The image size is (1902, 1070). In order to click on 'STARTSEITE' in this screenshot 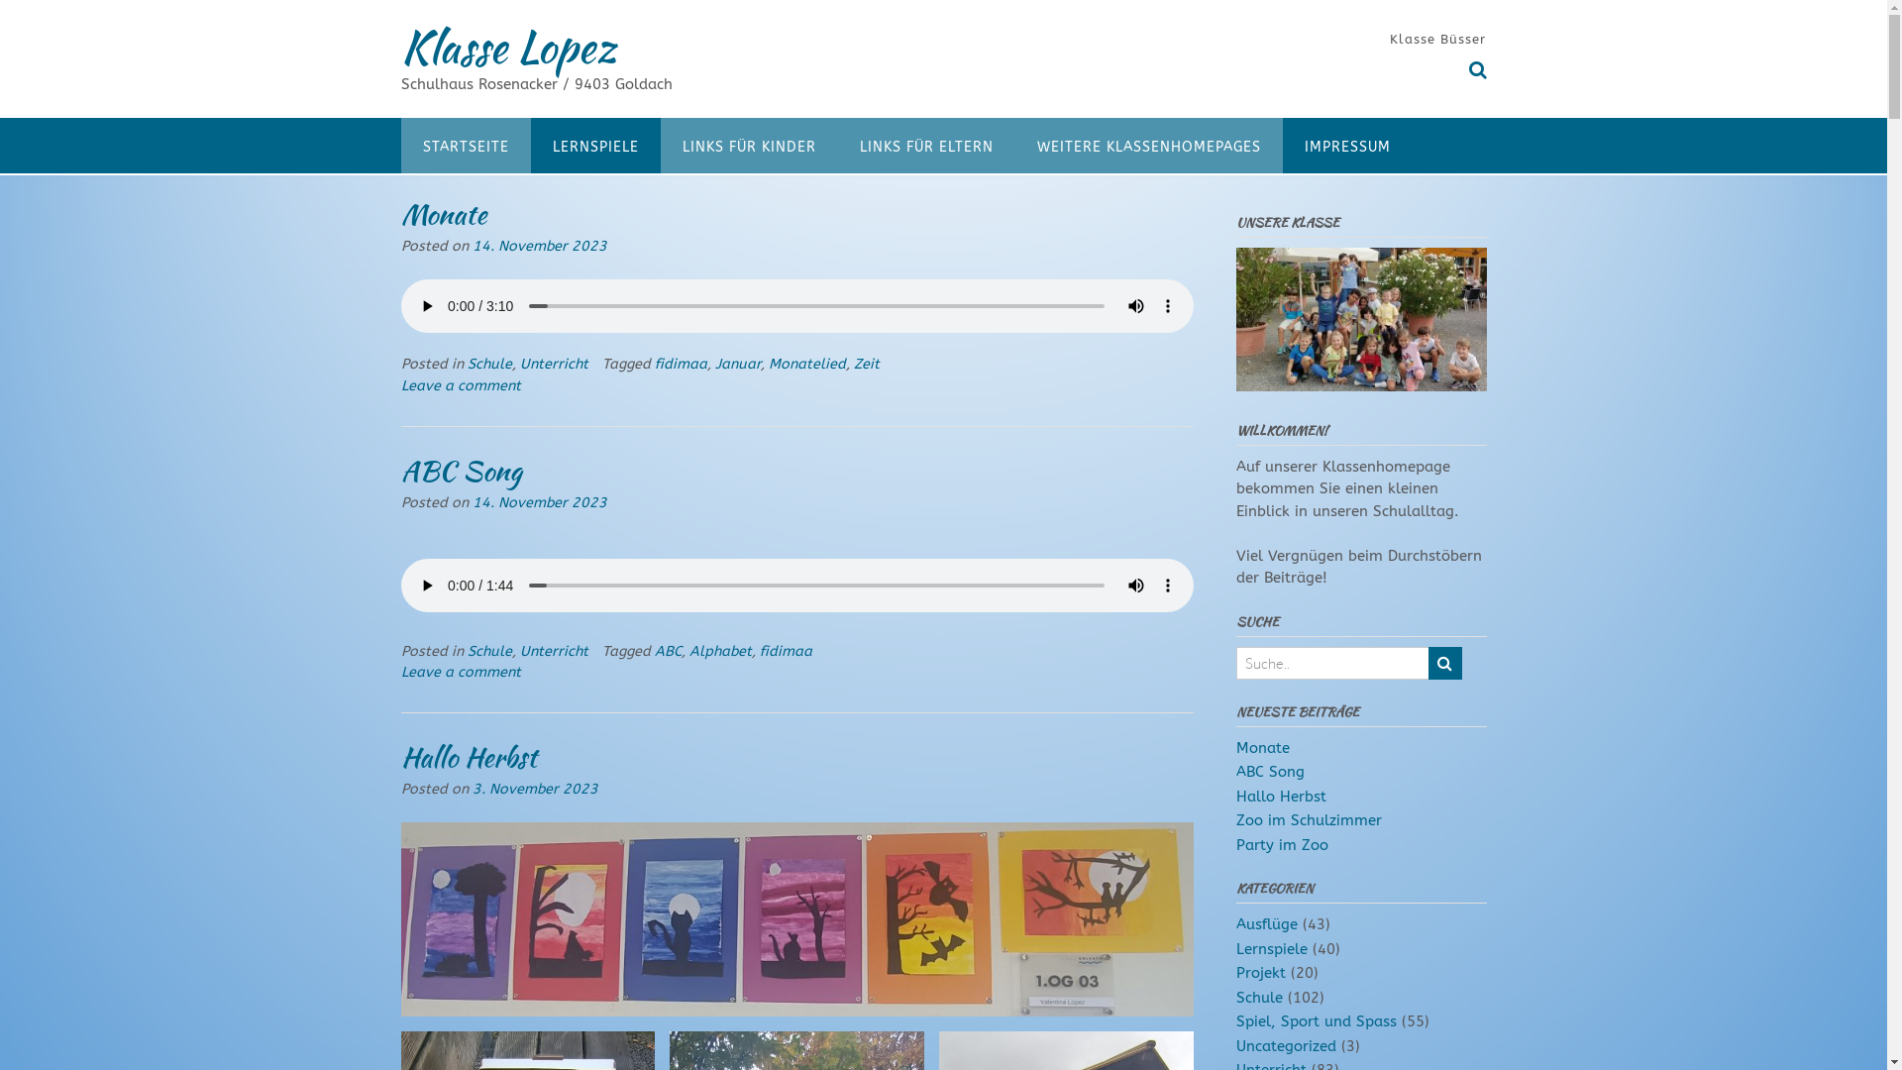, I will do `click(464, 144)`.